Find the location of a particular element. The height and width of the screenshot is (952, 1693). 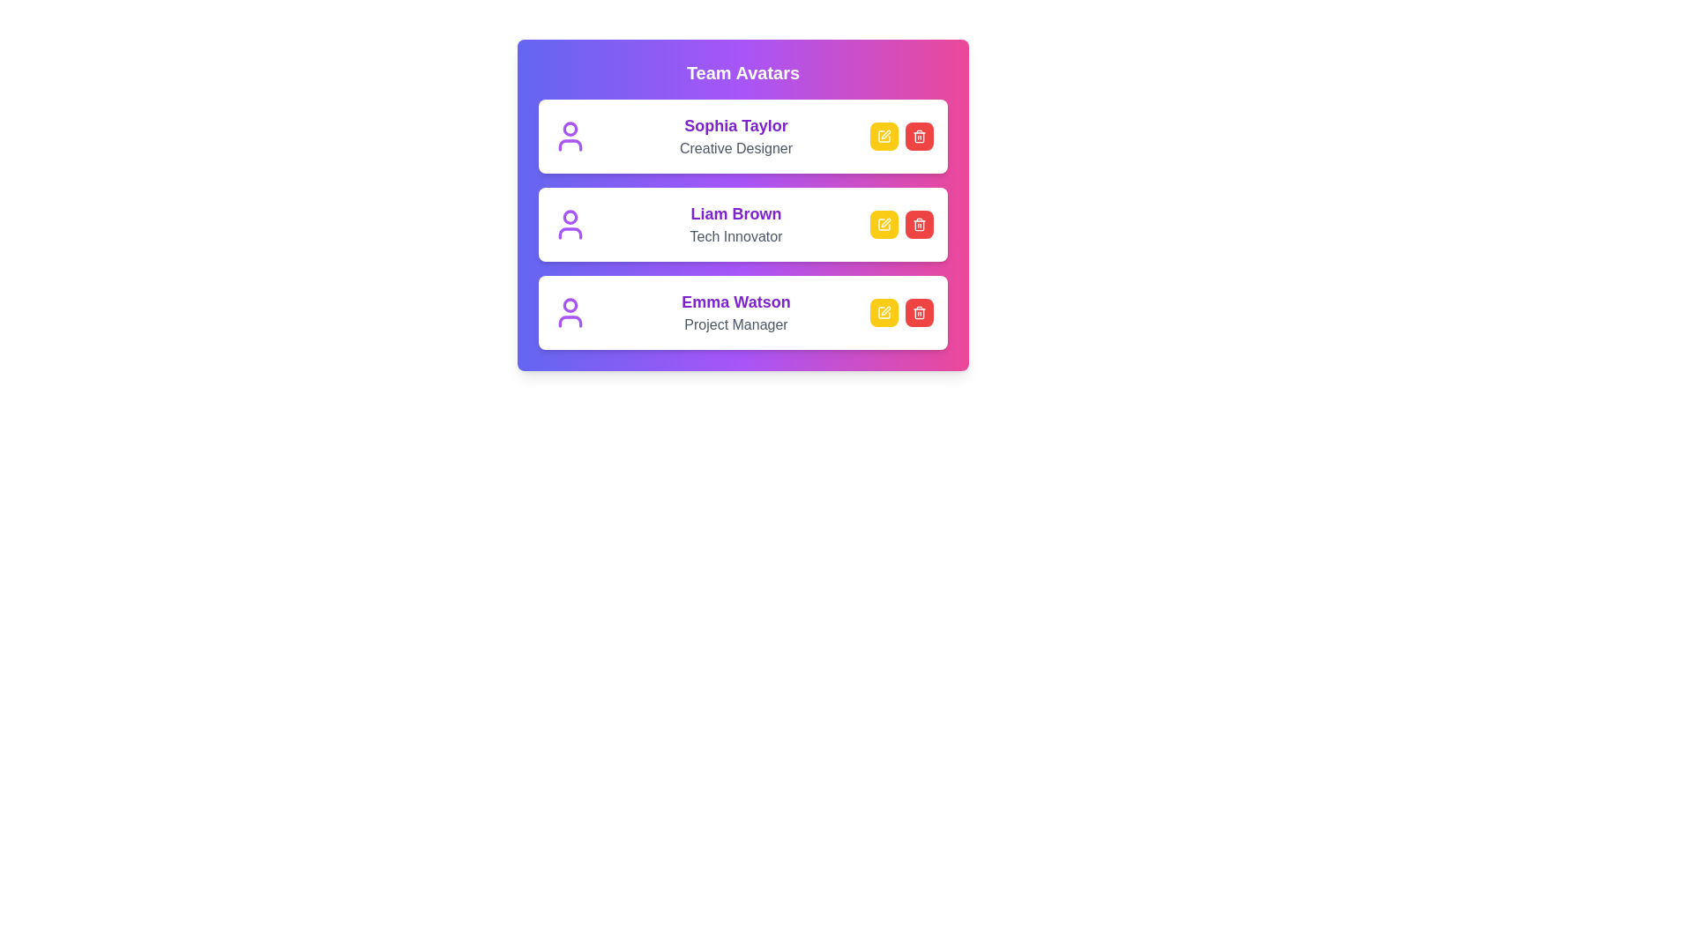

the pen icon to the left of the trash can icon associated with 'Sophia Taylor' to initiate editing is located at coordinates (884, 134).